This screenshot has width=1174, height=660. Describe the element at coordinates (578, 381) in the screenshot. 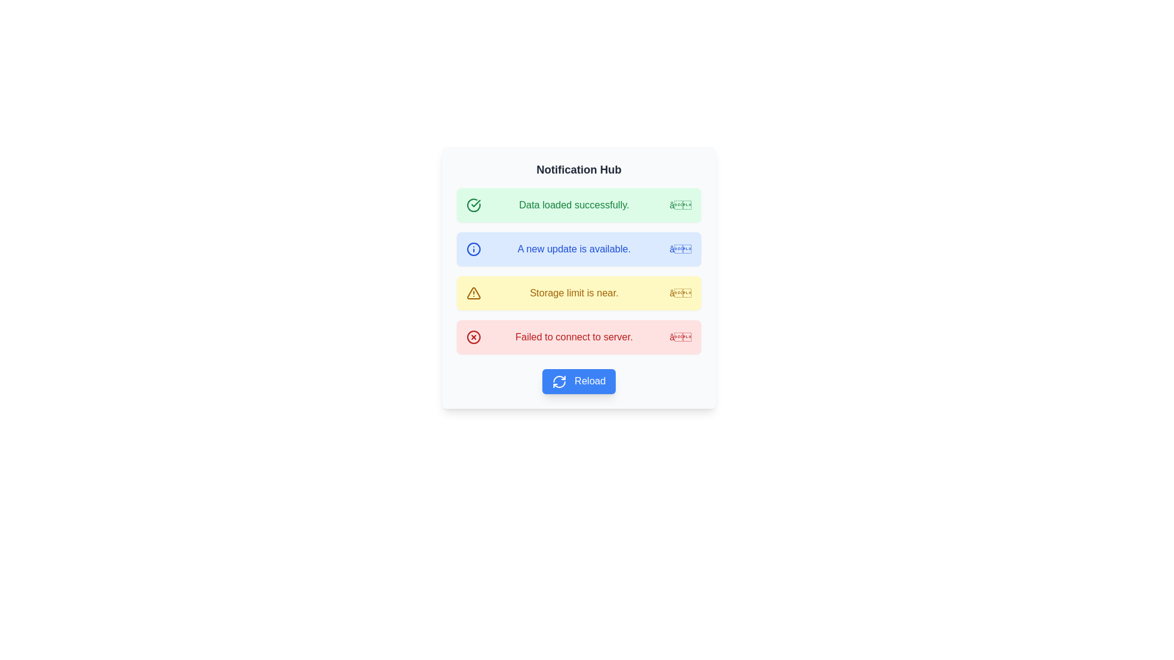

I see `the reload button located centrally below the list of notification items to activate the hover style change` at that location.